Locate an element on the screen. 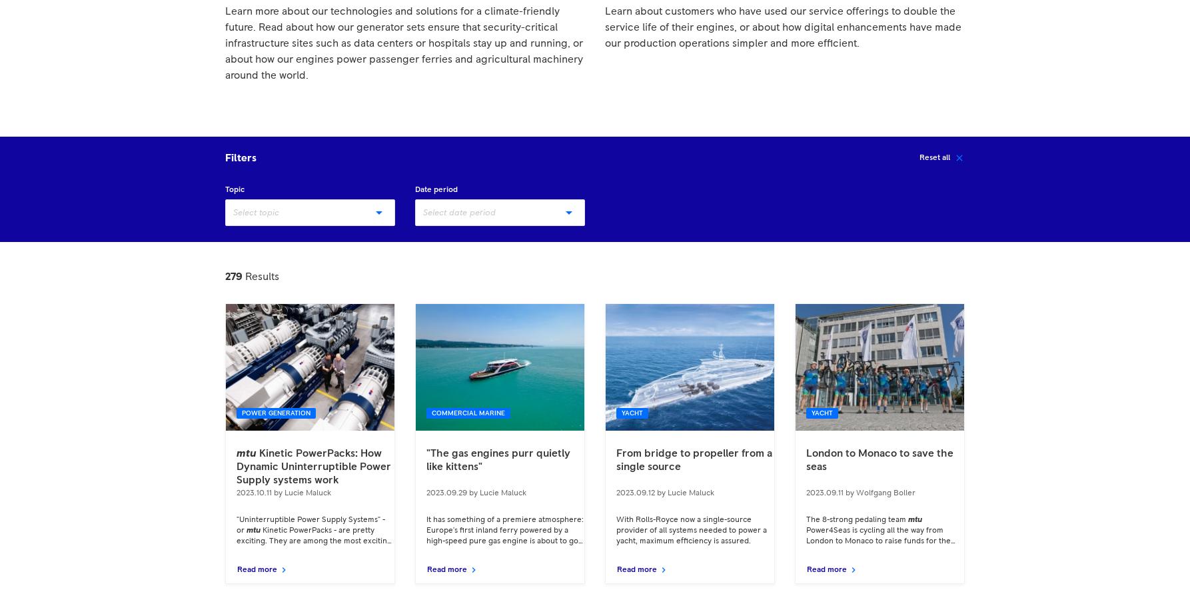 The height and width of the screenshot is (594, 1190). 'Wolfgang Boller' is located at coordinates (886, 492).